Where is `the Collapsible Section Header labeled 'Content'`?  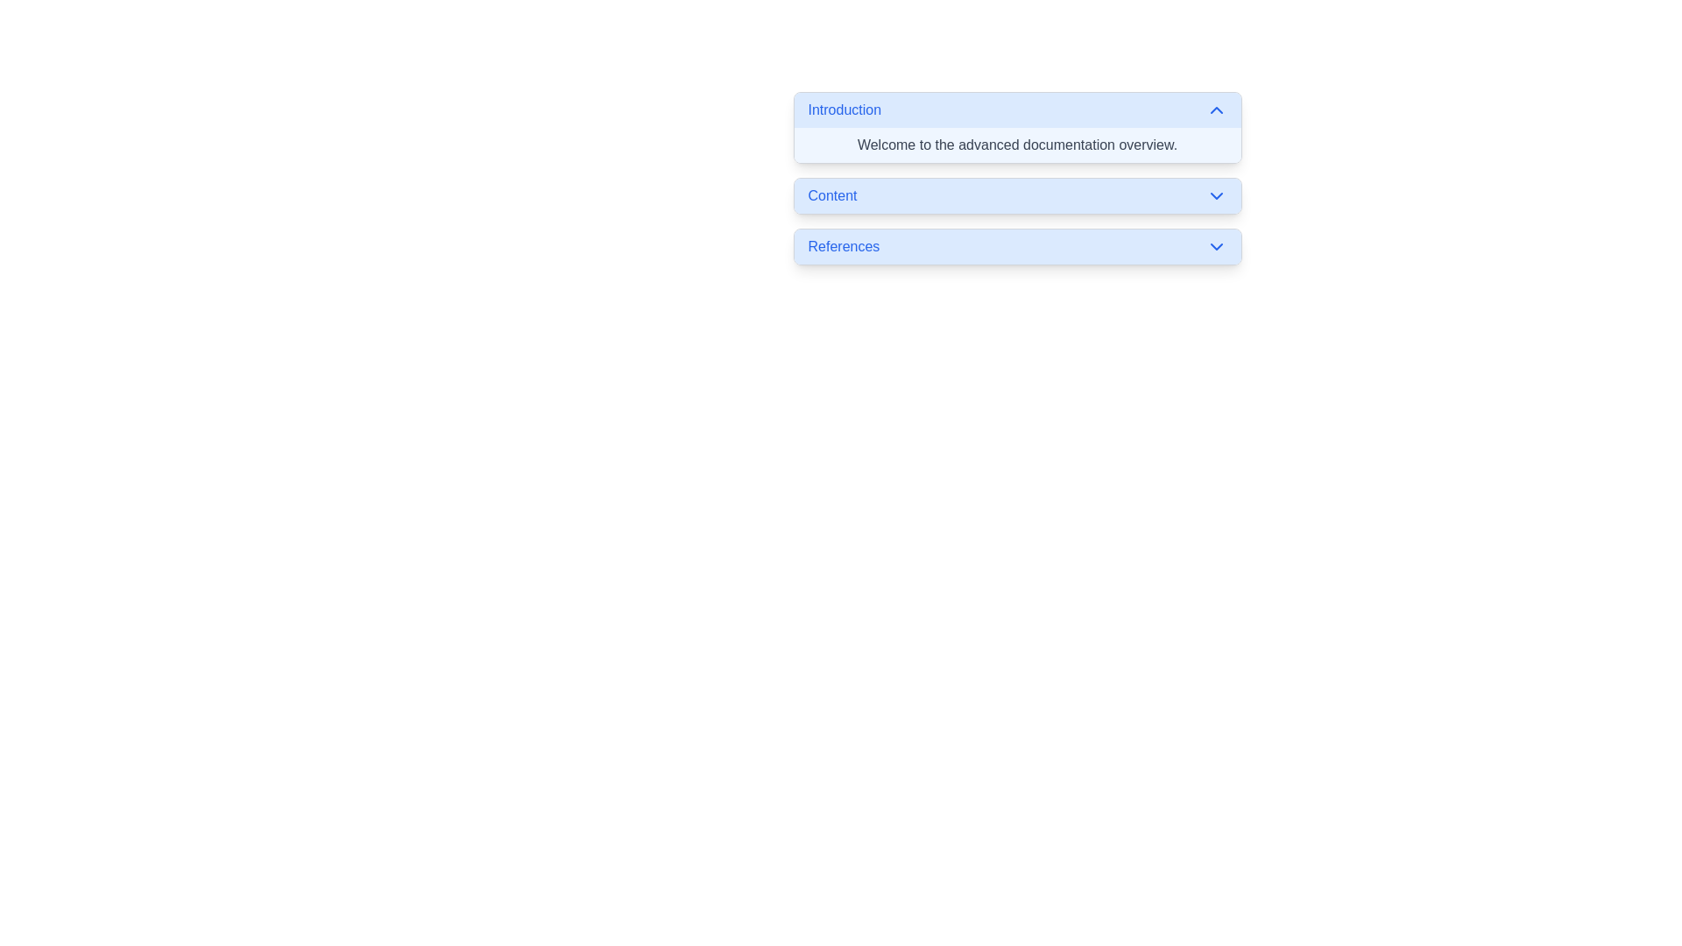
the Collapsible Section Header labeled 'Content' is located at coordinates (1017, 179).